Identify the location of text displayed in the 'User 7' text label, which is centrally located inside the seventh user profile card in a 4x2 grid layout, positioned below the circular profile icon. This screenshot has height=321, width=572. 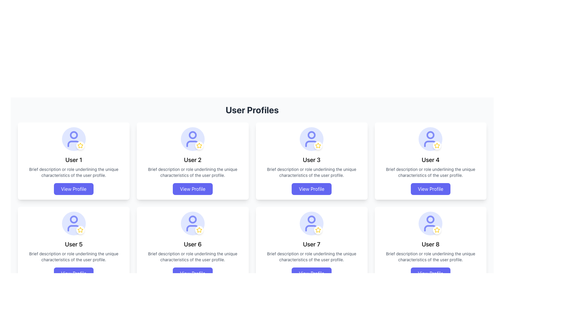
(311, 244).